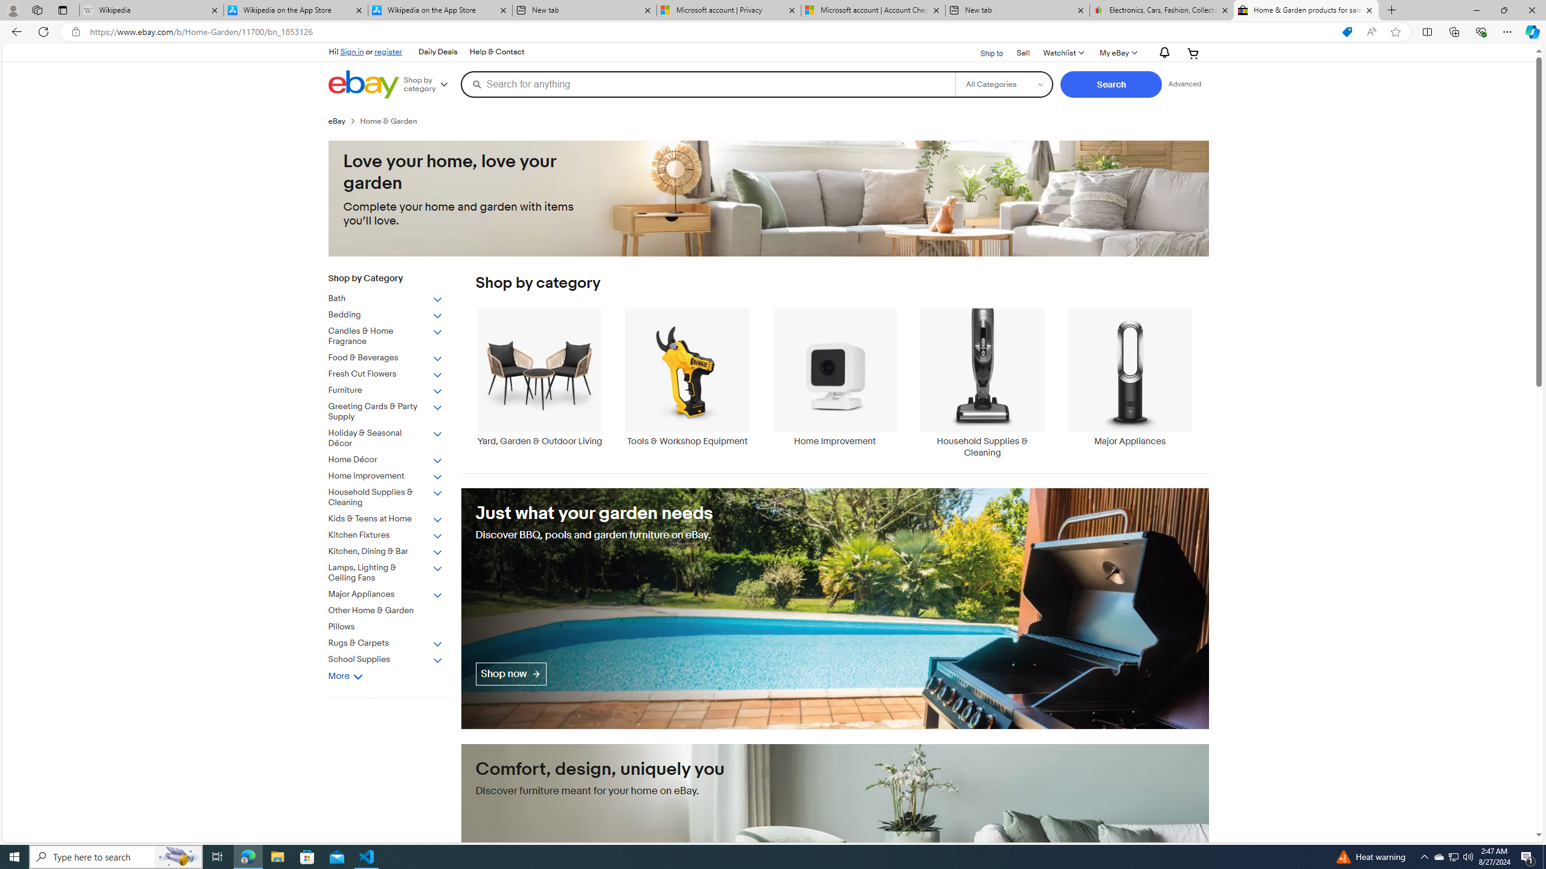  Describe the element at coordinates (385, 659) in the screenshot. I see `'School Supplies'` at that location.